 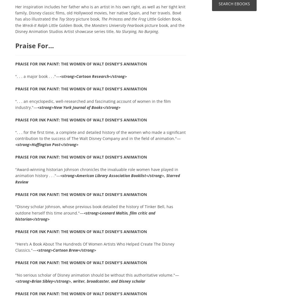 I want to click on '<strong>Brian Sibley</strong>, writer, broadcaster, and Disney scholar', so click(x=80, y=281).